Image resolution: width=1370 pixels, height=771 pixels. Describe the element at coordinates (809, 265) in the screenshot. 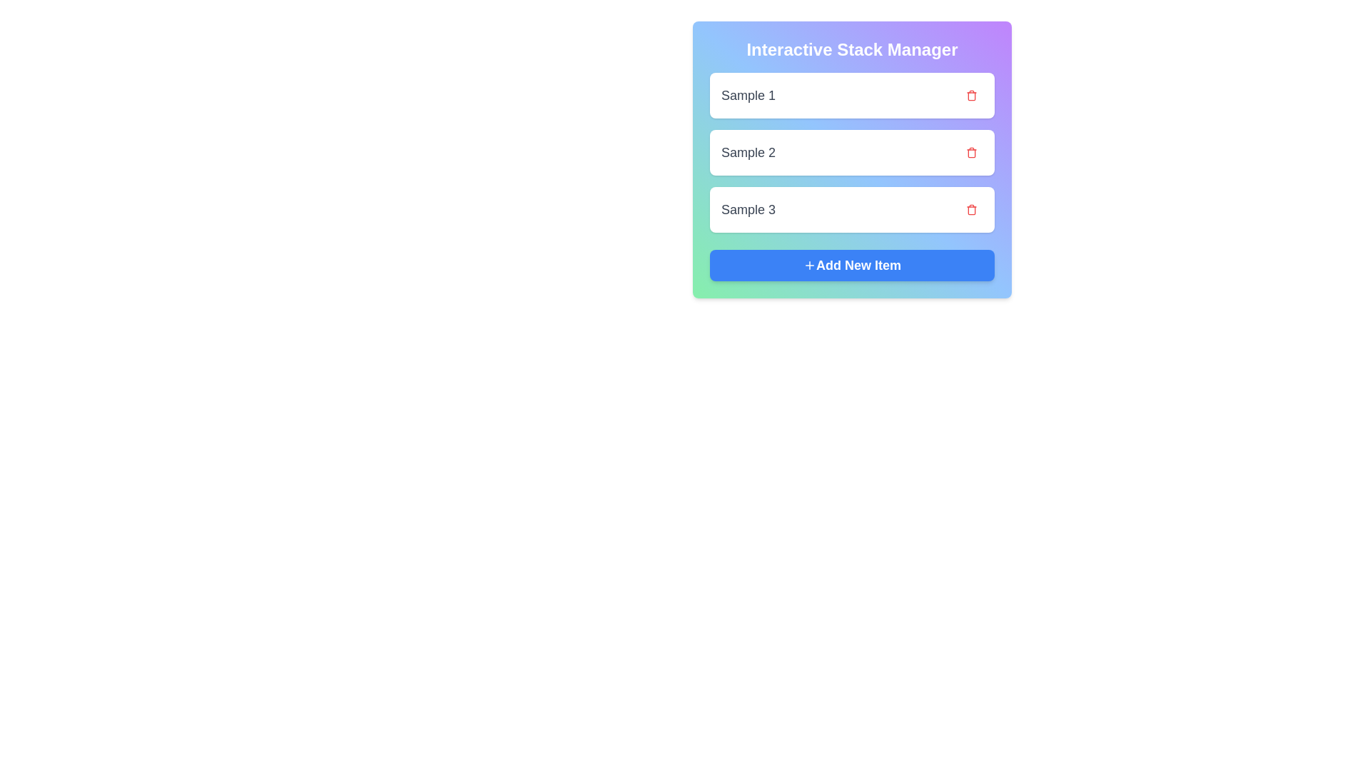

I see `the plus sign SVG icon located within the blue button labeled 'Add New Item'` at that location.